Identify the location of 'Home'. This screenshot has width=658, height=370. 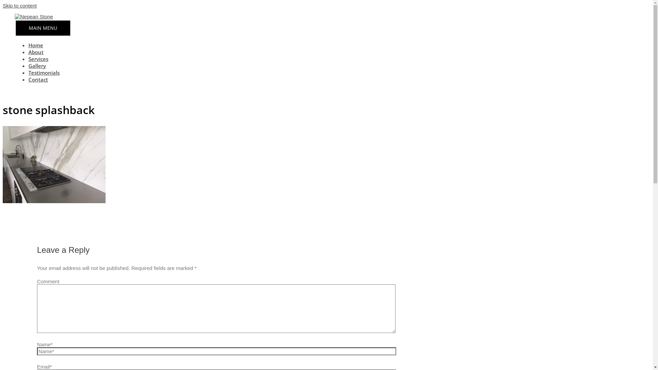
(35, 45).